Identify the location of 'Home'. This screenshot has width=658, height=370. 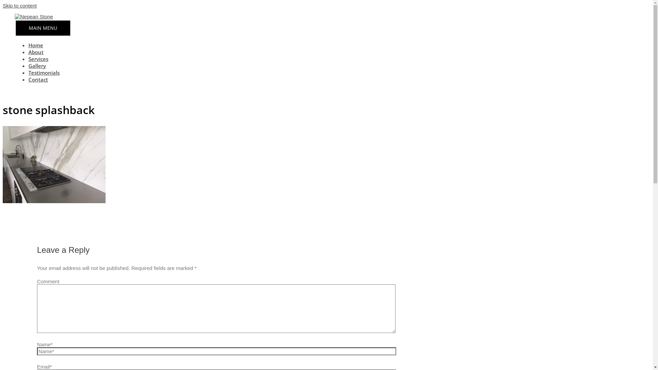
(35, 45).